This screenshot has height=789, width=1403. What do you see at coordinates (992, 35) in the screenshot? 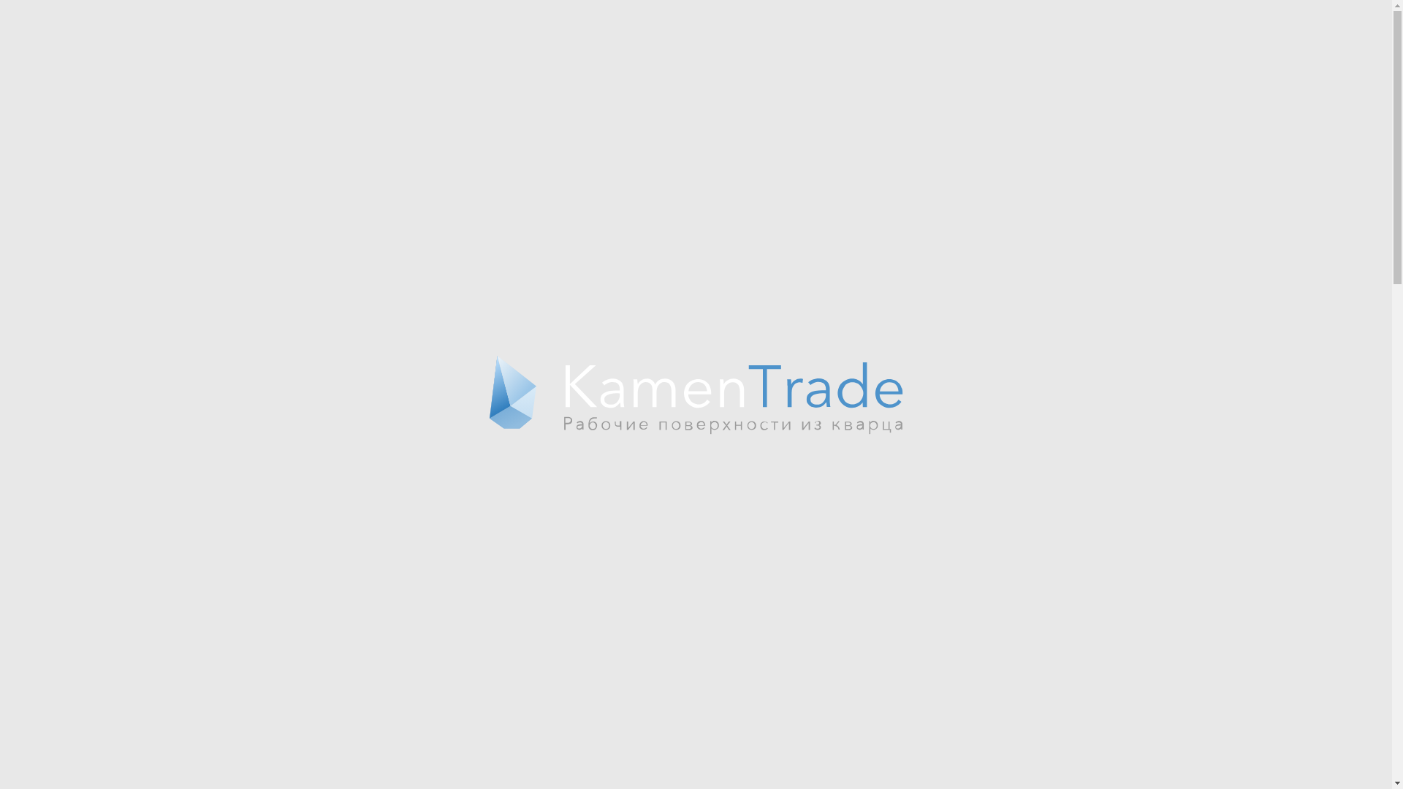
I see `'+375 (29) 588-08-80'` at bounding box center [992, 35].